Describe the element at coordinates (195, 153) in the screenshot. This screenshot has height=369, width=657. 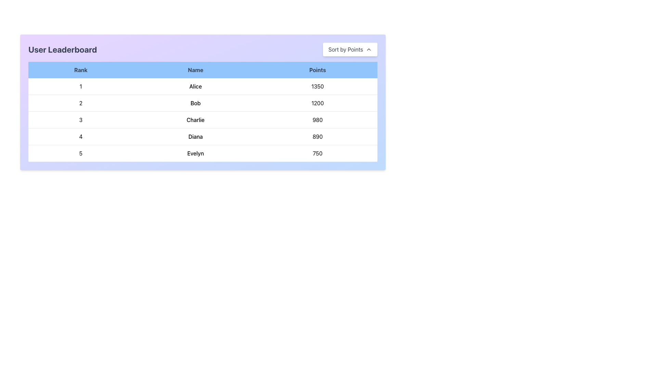
I see `the user name displayed in the fifth row and second column of the leaderboard, which identifies the individual ranked fifth with a score of 750` at that location.